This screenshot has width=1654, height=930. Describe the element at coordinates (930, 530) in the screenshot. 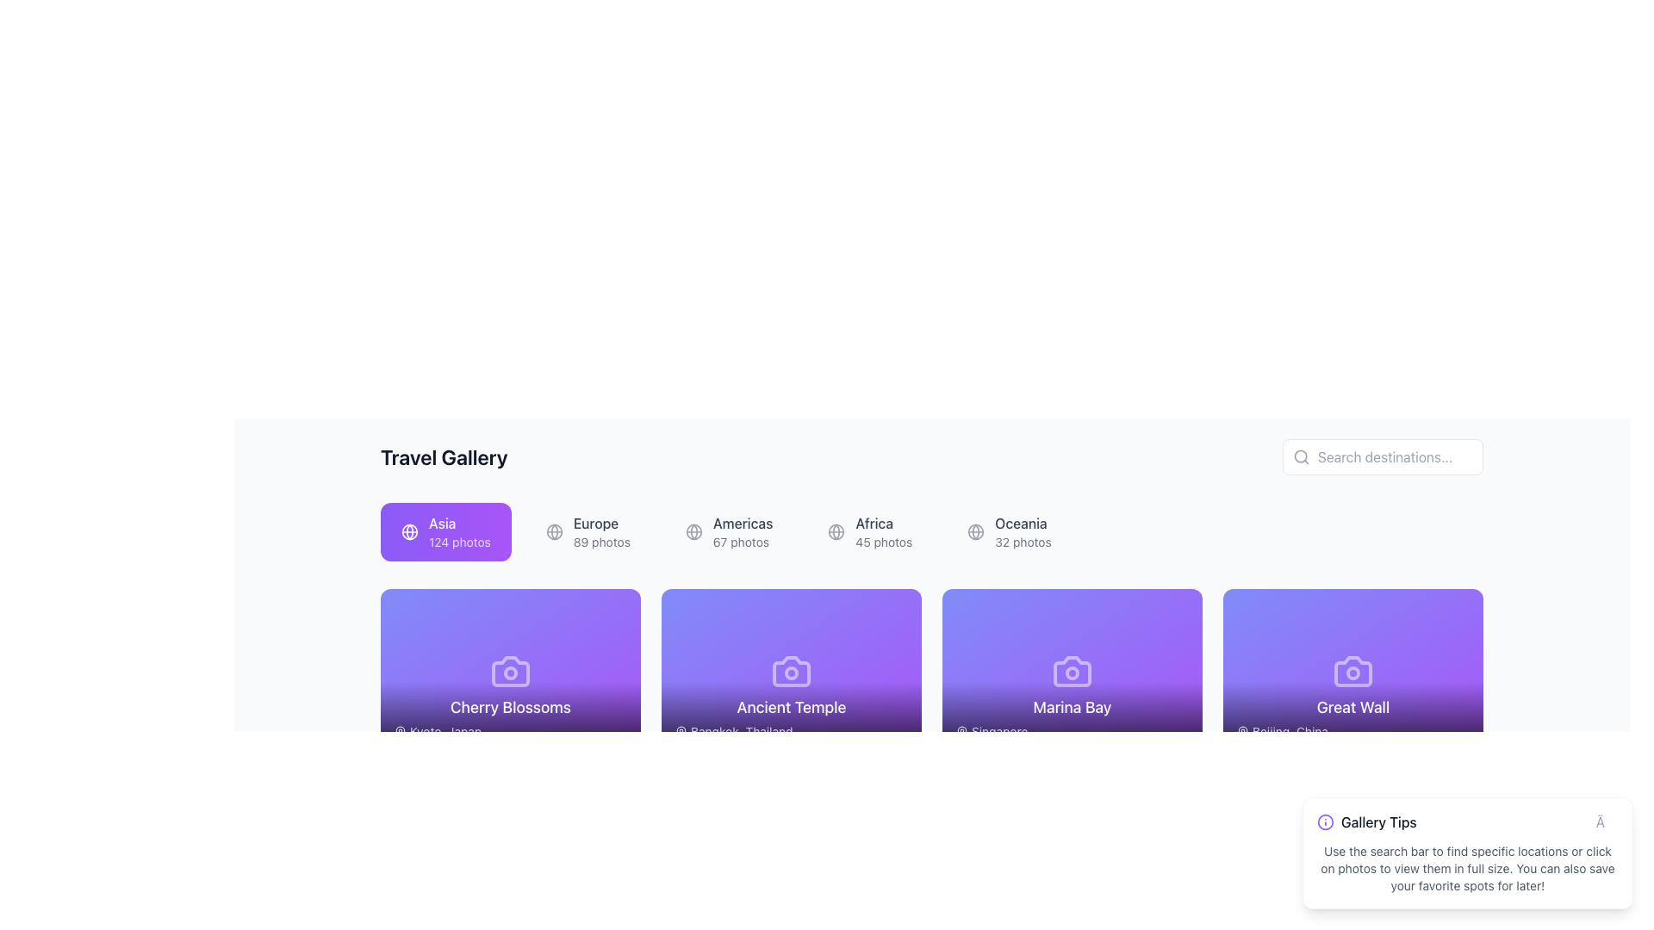

I see `a continent button in the Navigation menu located beneath the 'Travel Gallery' header to navigate to a different gallery` at that location.